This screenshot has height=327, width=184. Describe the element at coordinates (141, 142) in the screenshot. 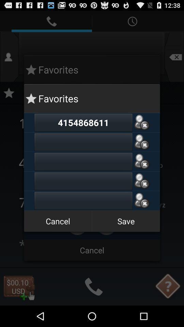

I see `number to favorites` at that location.